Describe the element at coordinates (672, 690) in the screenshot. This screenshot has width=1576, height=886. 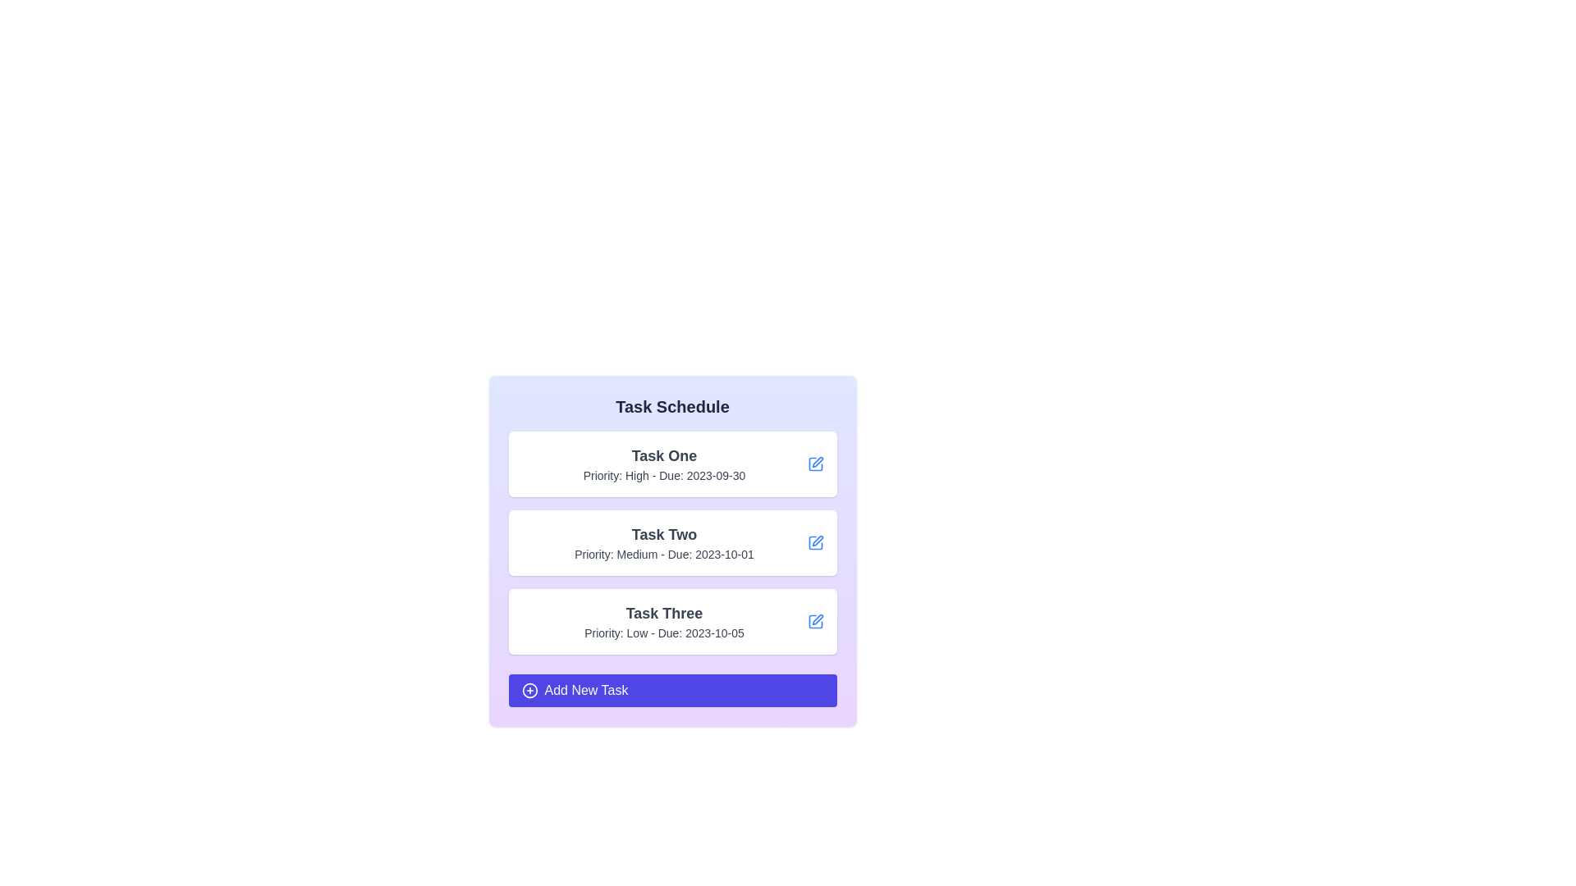
I see `the 'Add New Task' button to add a new task` at that location.